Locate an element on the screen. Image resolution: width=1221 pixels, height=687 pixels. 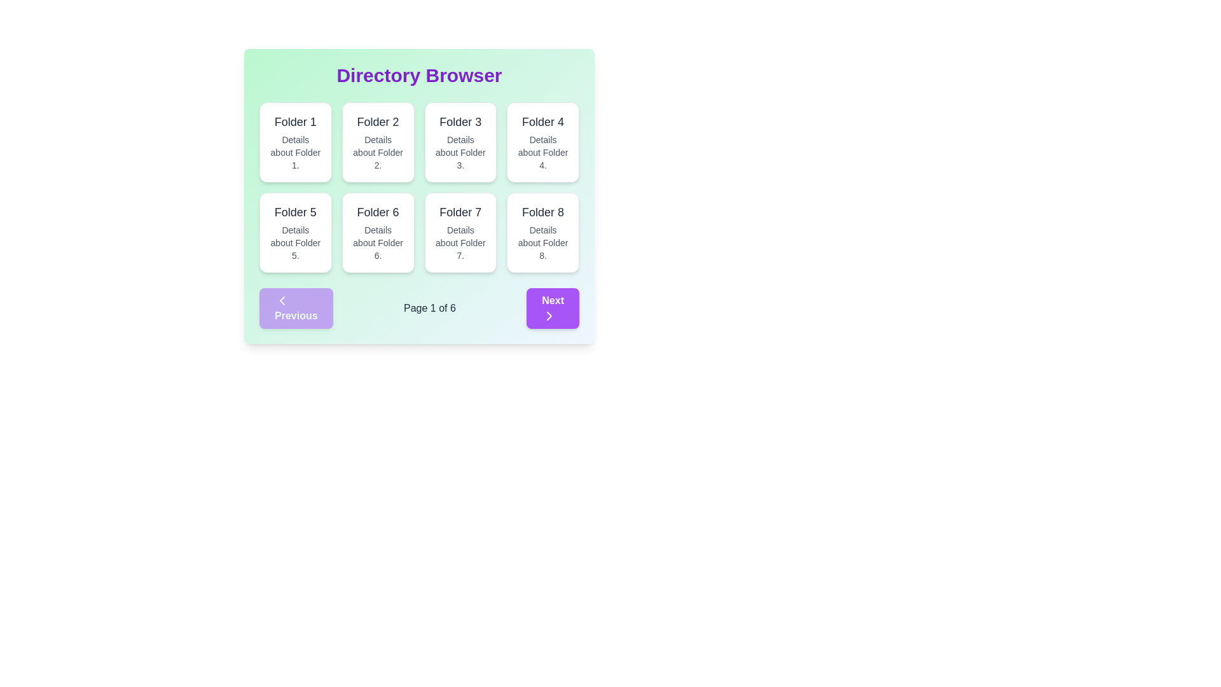
text label 'Folder 5' which is displayed in bold, gray font, centered within its card component is located at coordinates (294, 212).